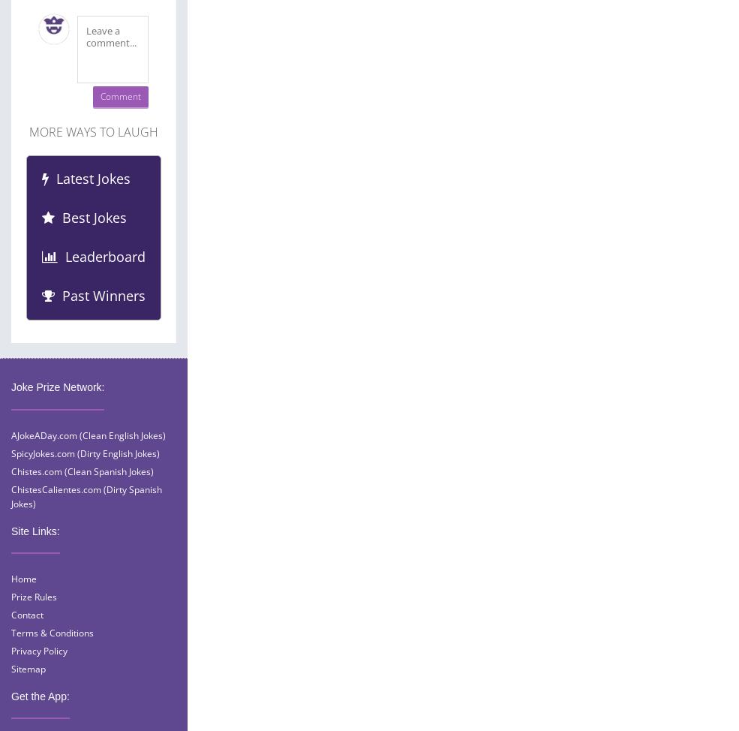 The height and width of the screenshot is (731, 739). I want to click on 'SpicyJokes.com (Dirty English Jokes)', so click(85, 452).